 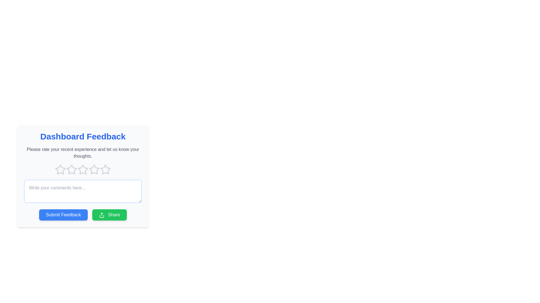 What do you see at coordinates (94, 169) in the screenshot?
I see `the sixth star icon in the feedback form` at bounding box center [94, 169].